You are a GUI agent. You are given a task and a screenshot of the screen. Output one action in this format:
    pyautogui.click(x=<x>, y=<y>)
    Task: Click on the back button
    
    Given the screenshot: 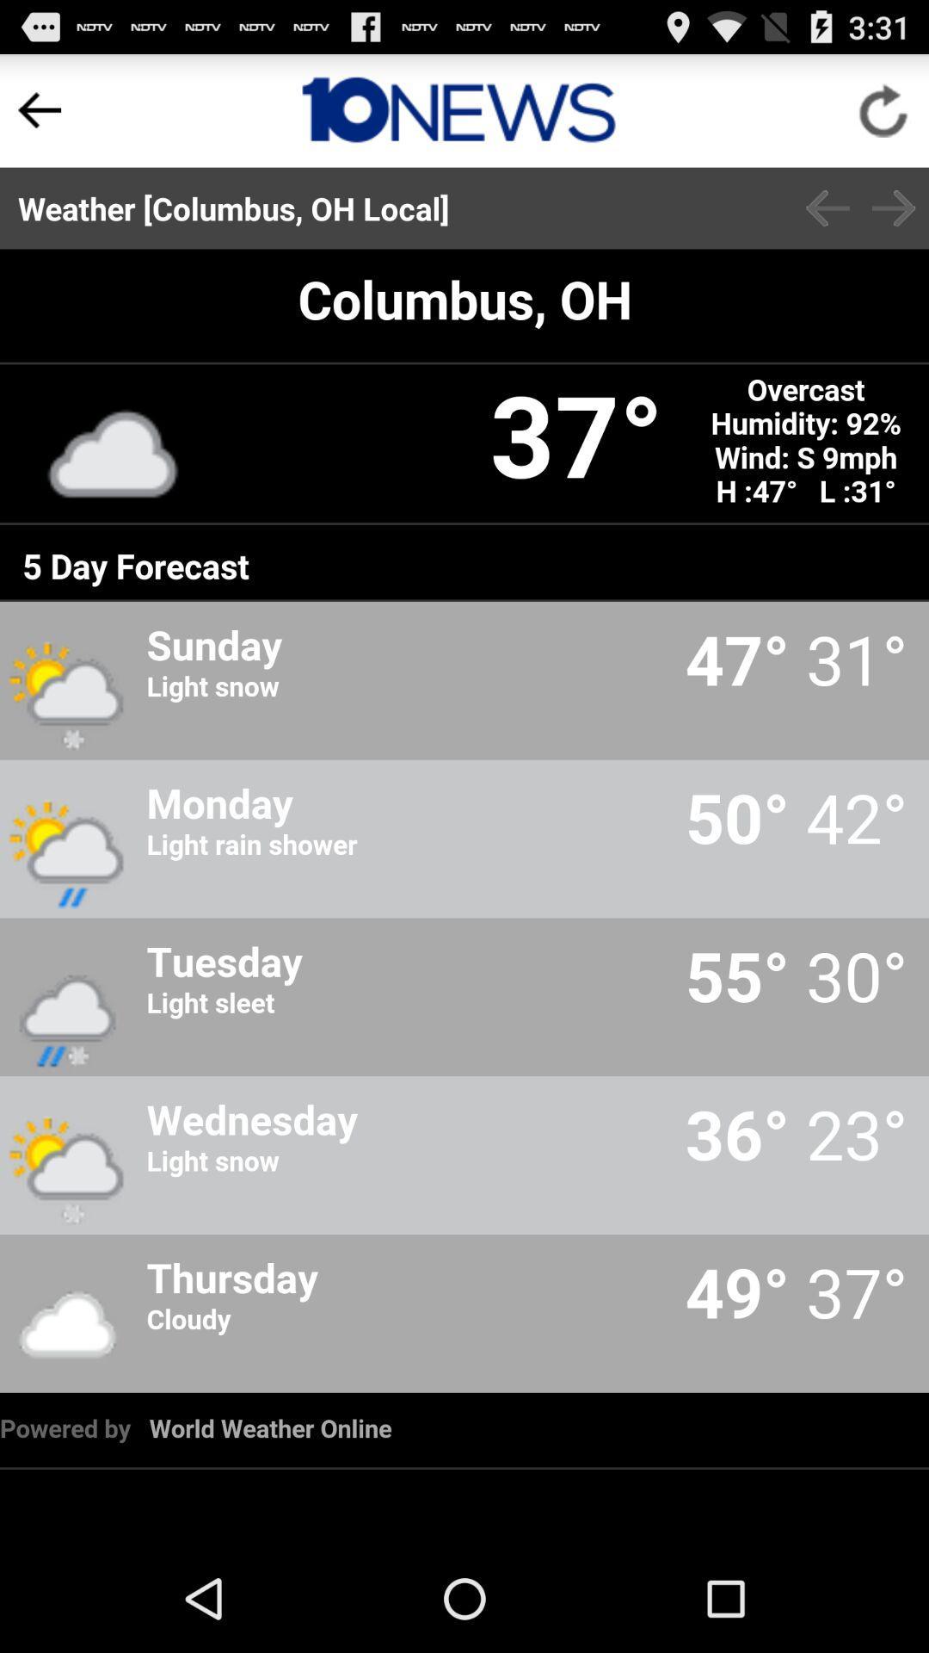 What is the action you would take?
    pyautogui.click(x=827, y=207)
    